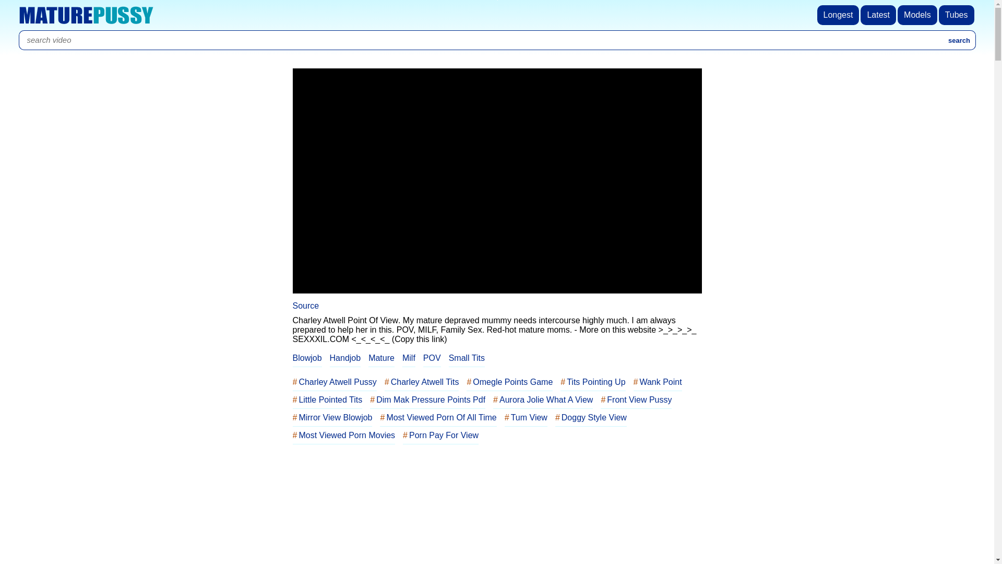 The width and height of the screenshot is (1002, 564). I want to click on 'Porn Pay For View', so click(440, 435).